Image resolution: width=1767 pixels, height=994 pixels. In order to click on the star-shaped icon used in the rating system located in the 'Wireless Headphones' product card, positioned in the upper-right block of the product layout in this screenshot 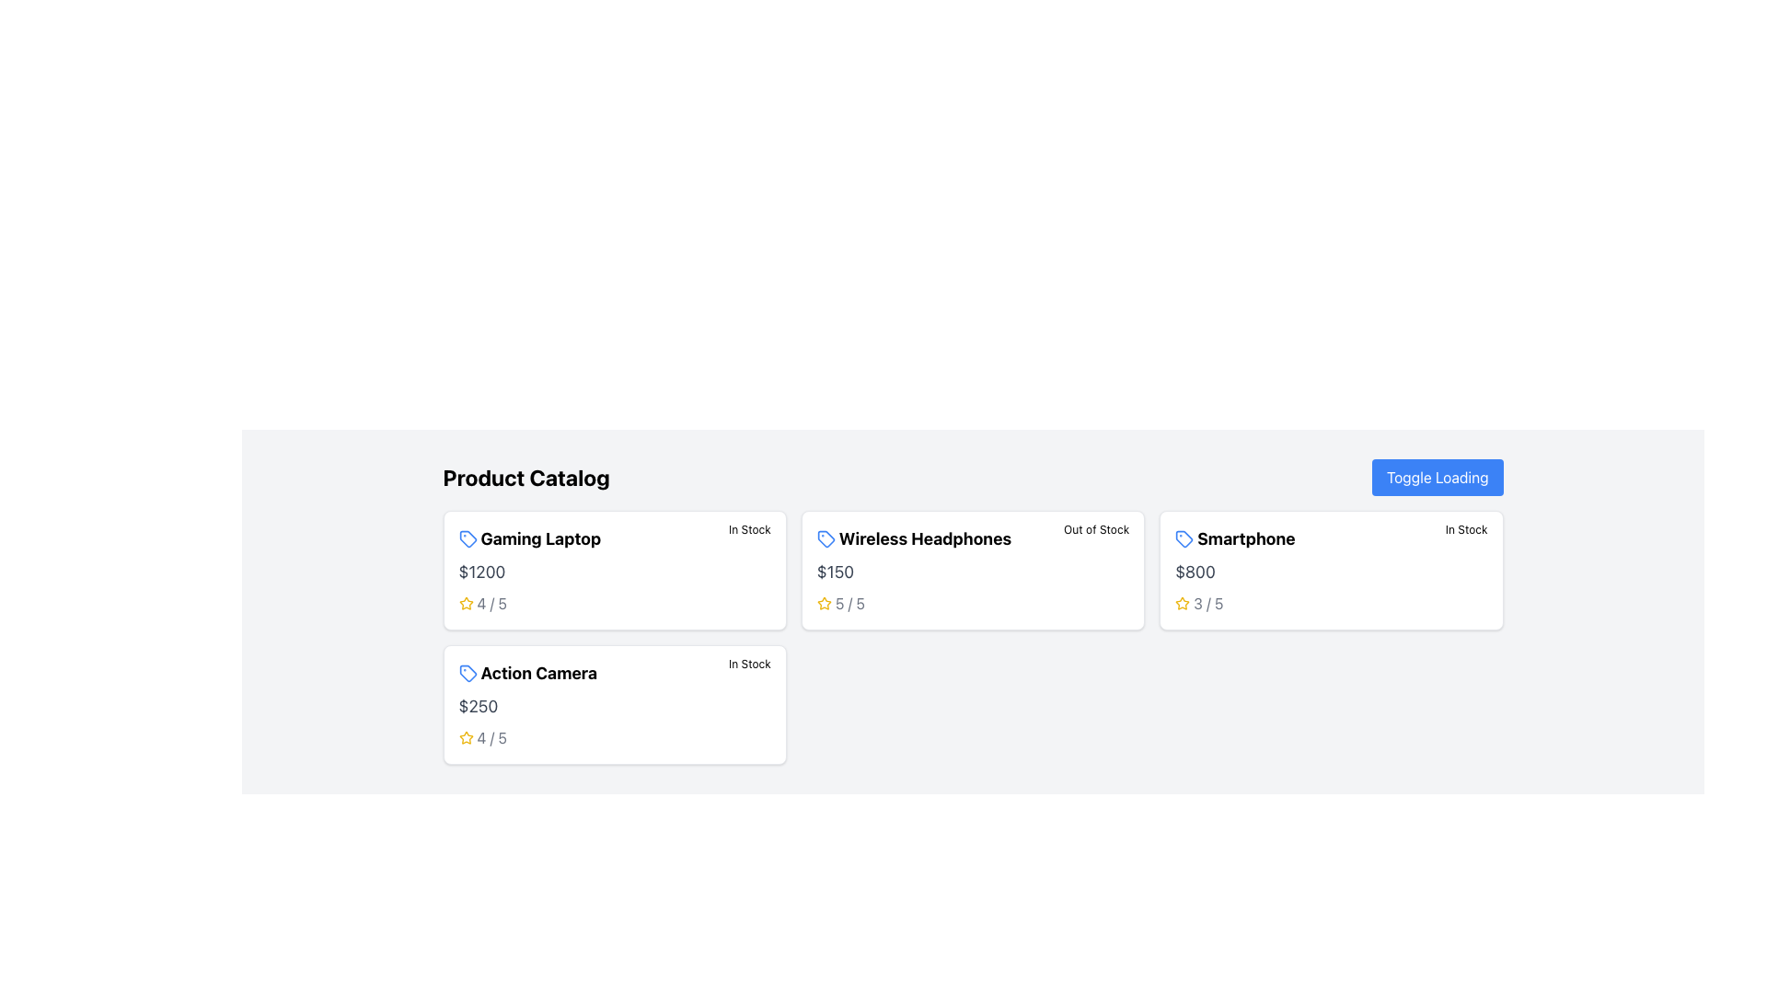, I will do `click(823, 603)`.